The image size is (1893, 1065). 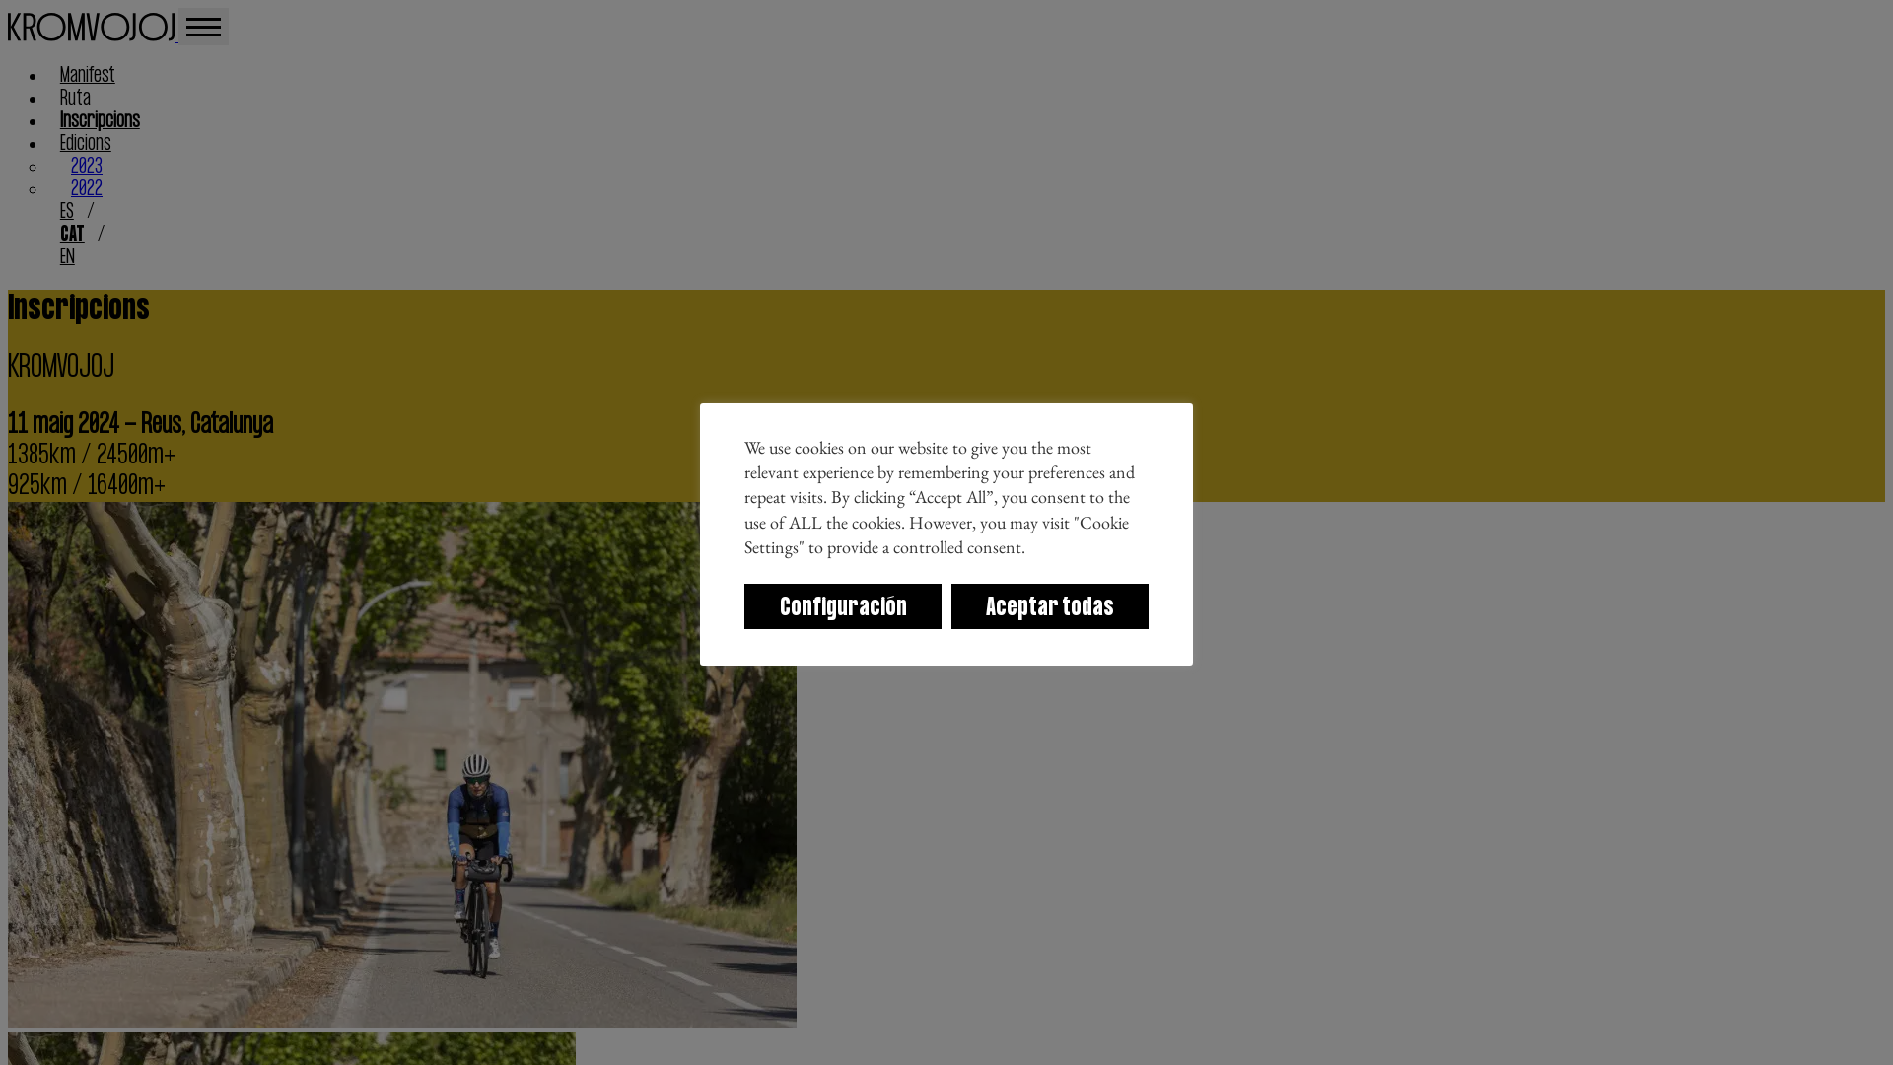 I want to click on 'Edicions', so click(x=84, y=143).